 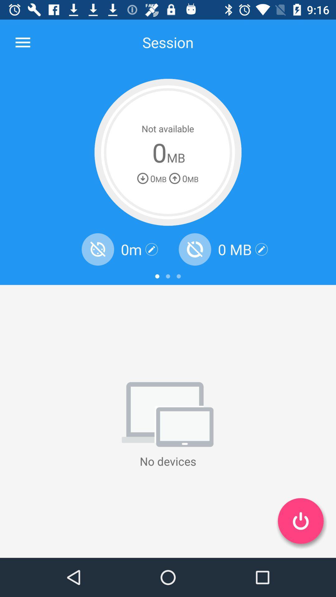 What do you see at coordinates (300, 521) in the screenshot?
I see `begin recording` at bounding box center [300, 521].